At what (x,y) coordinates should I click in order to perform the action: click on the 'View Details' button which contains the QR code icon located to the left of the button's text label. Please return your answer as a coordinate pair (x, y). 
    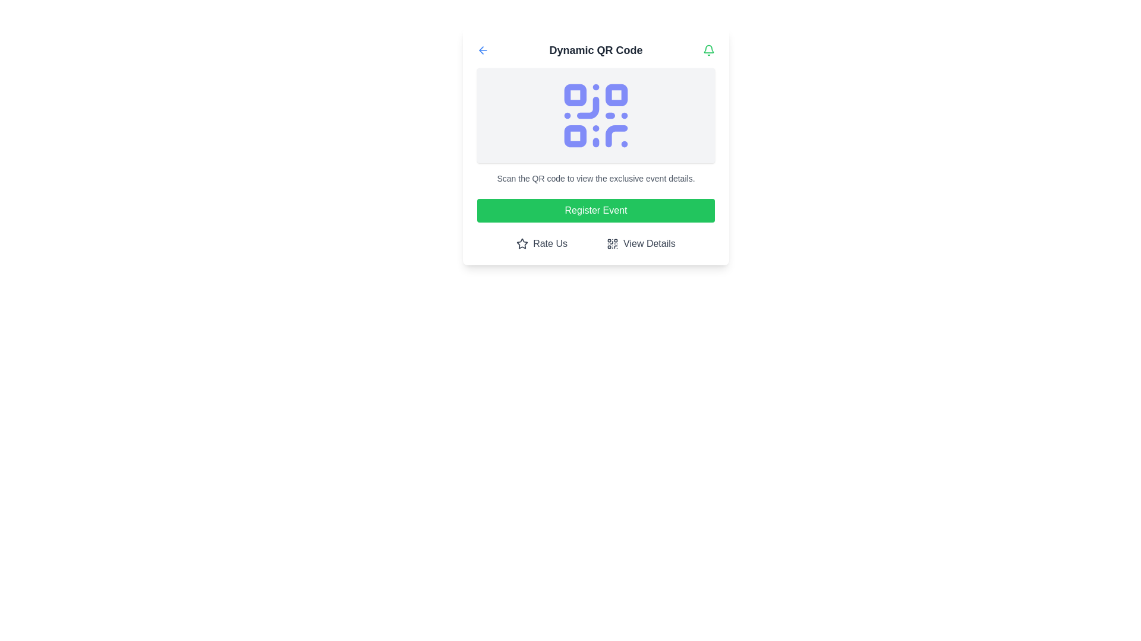
    Looking at the image, I should click on (613, 243).